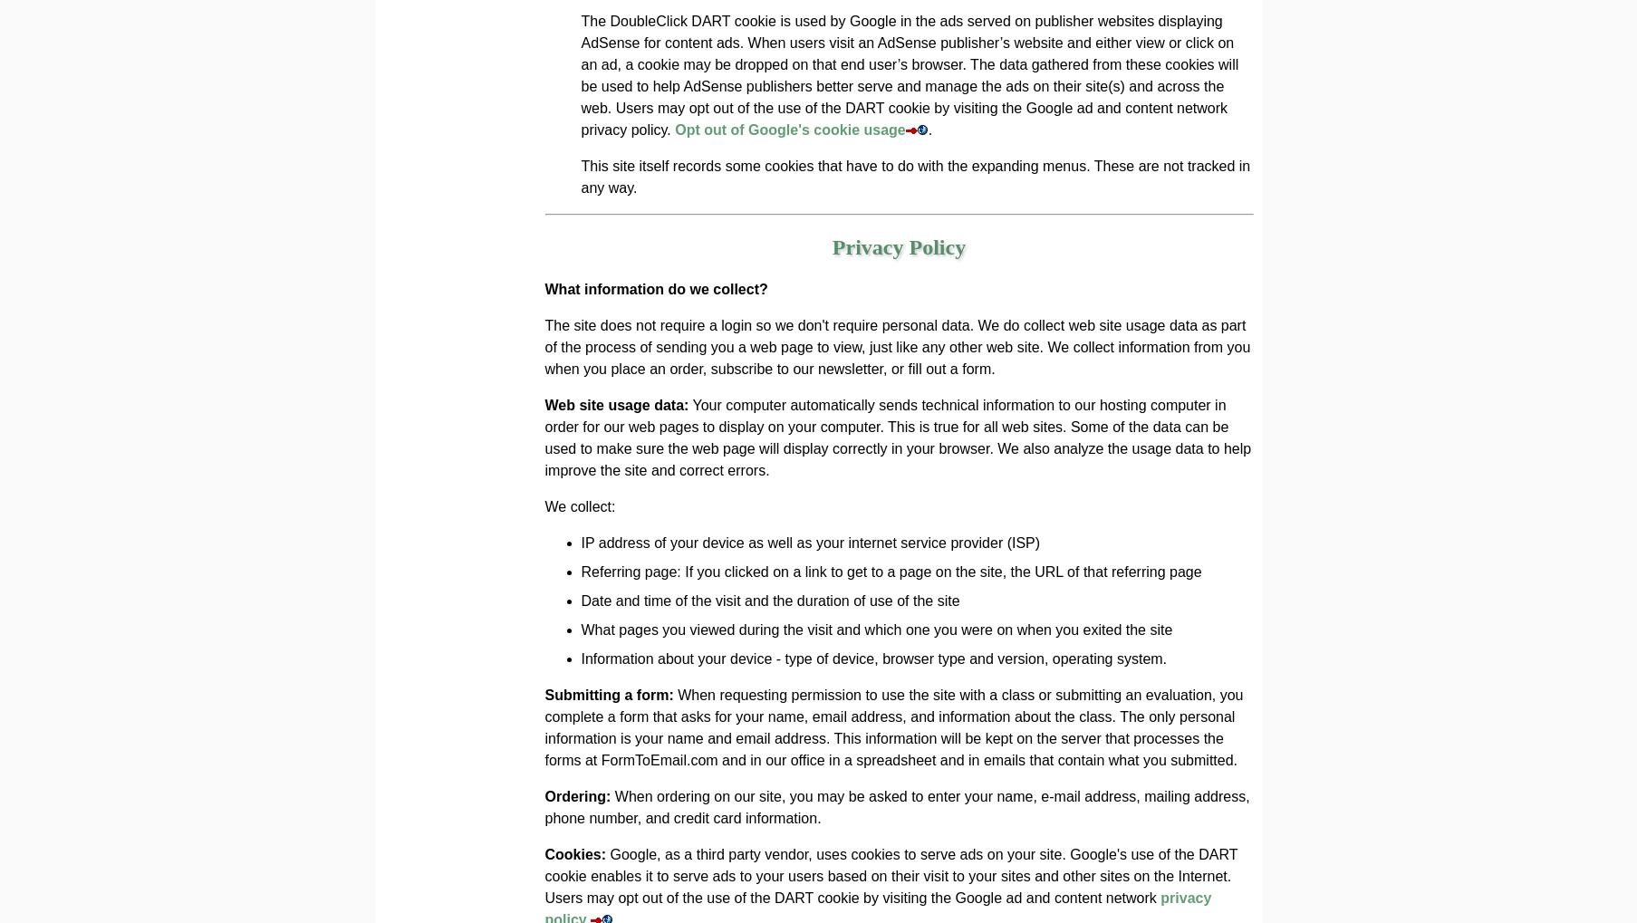 The width and height of the screenshot is (1637, 923). Describe the element at coordinates (872, 659) in the screenshot. I see `'Information about your device - type of device, browser type and version, operating system.'` at that location.